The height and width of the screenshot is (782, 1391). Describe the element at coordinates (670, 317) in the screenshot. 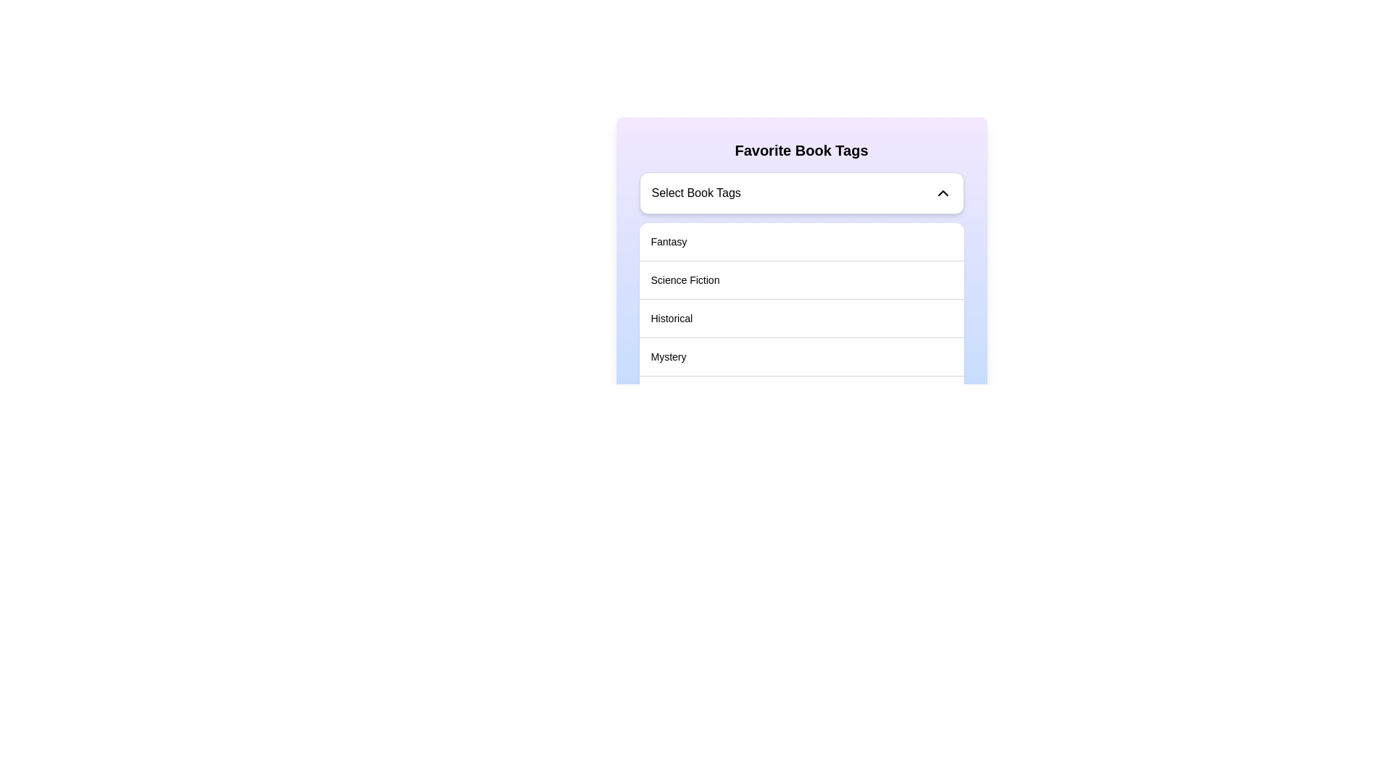

I see `to select the 'Historical' option from the dropdown list in the 'Favorite Book Tags' dialog, which is the third item in the list located between 'Science Fiction' and 'Mystery'` at that location.